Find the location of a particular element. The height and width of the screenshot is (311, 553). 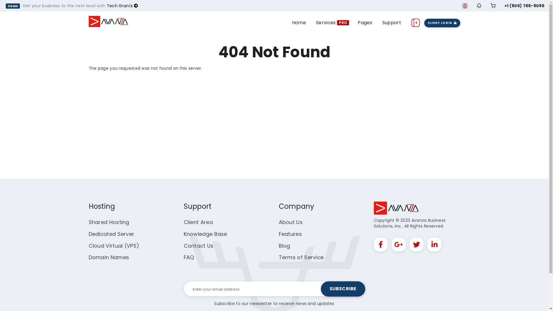

'Support' is located at coordinates (391, 22).